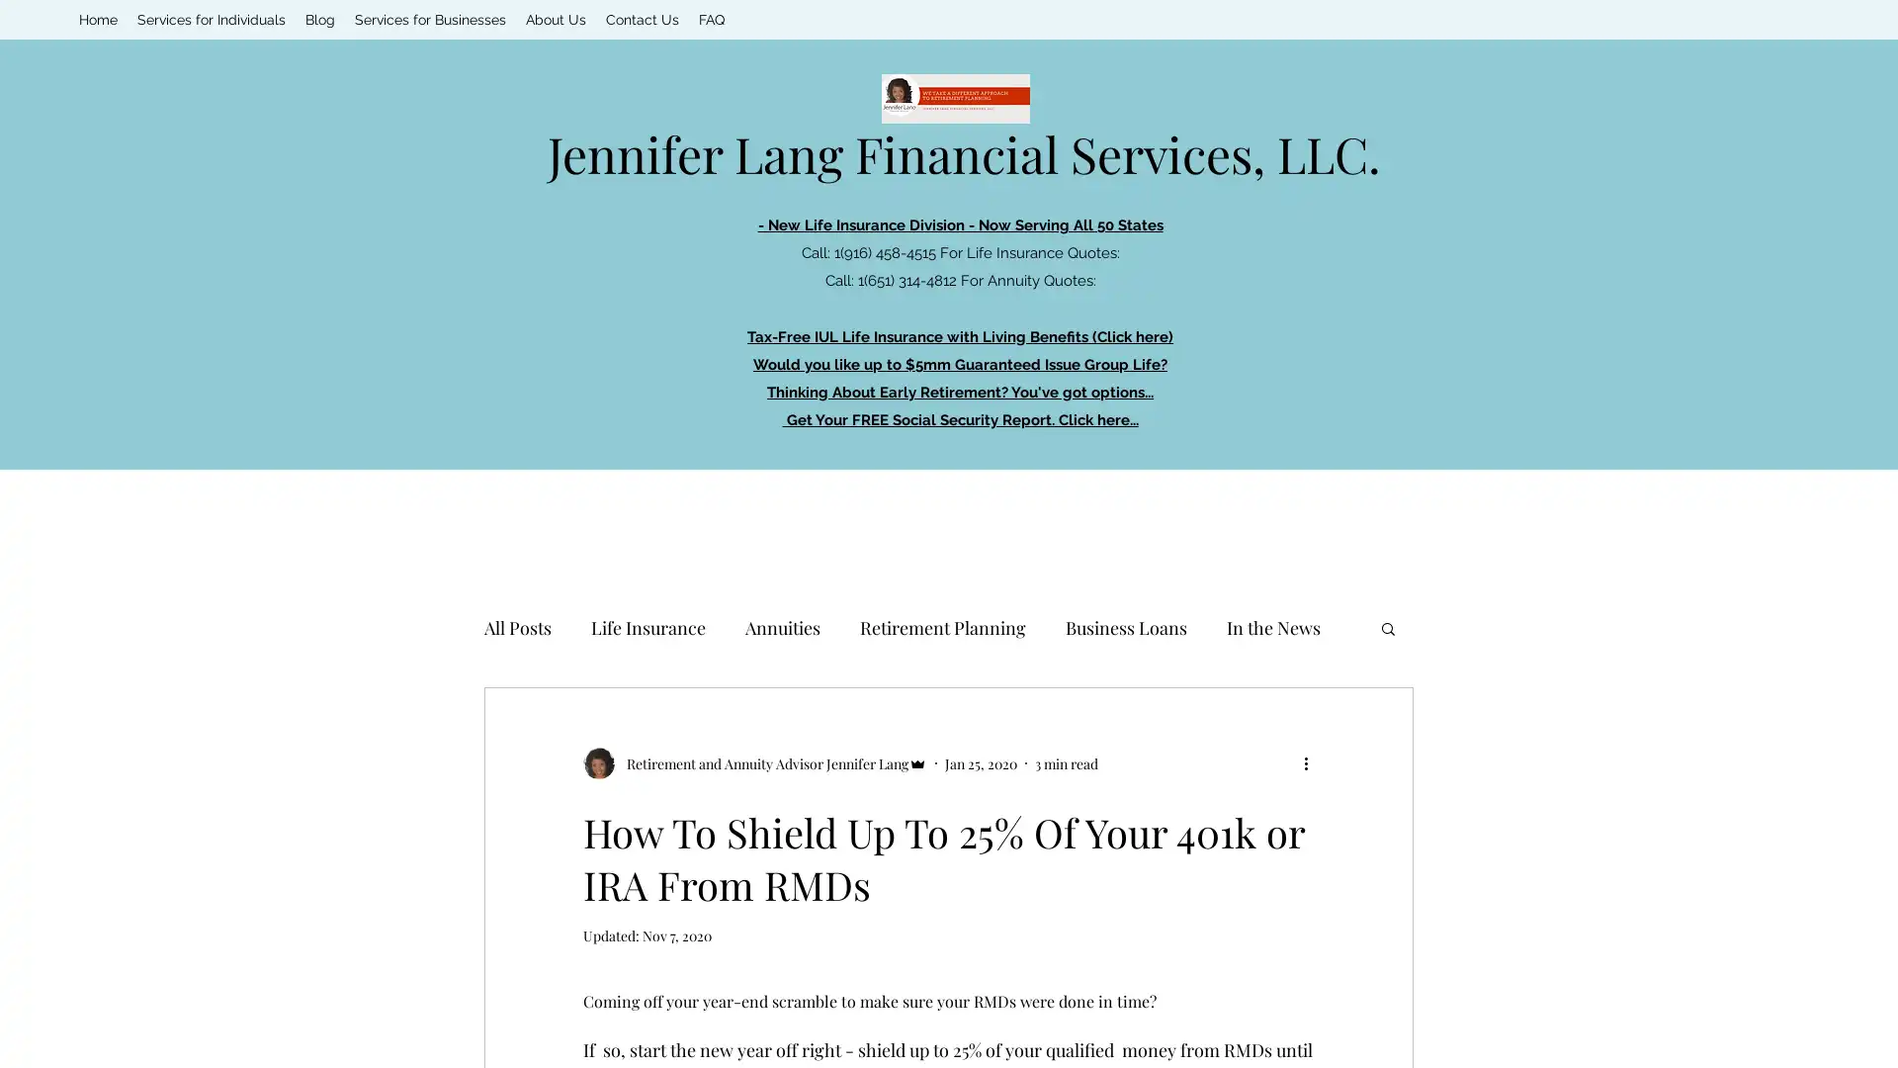 The image size is (1898, 1068). I want to click on Cookie Settings, so click(1683, 1035).